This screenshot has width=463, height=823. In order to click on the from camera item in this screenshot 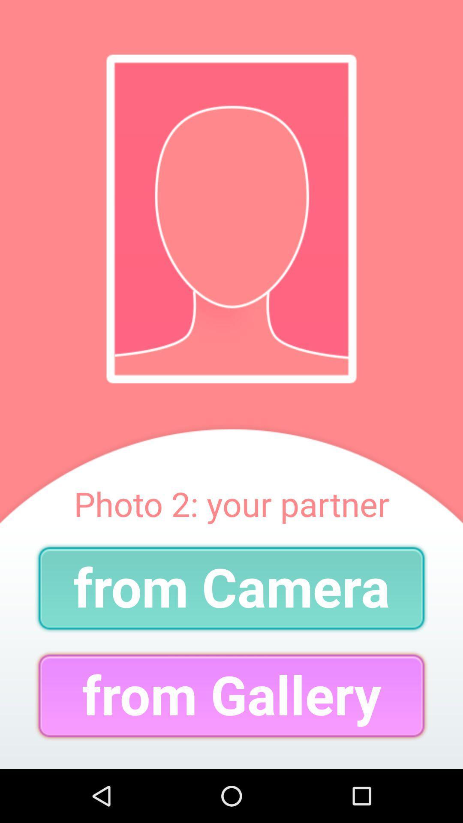, I will do `click(231, 588)`.